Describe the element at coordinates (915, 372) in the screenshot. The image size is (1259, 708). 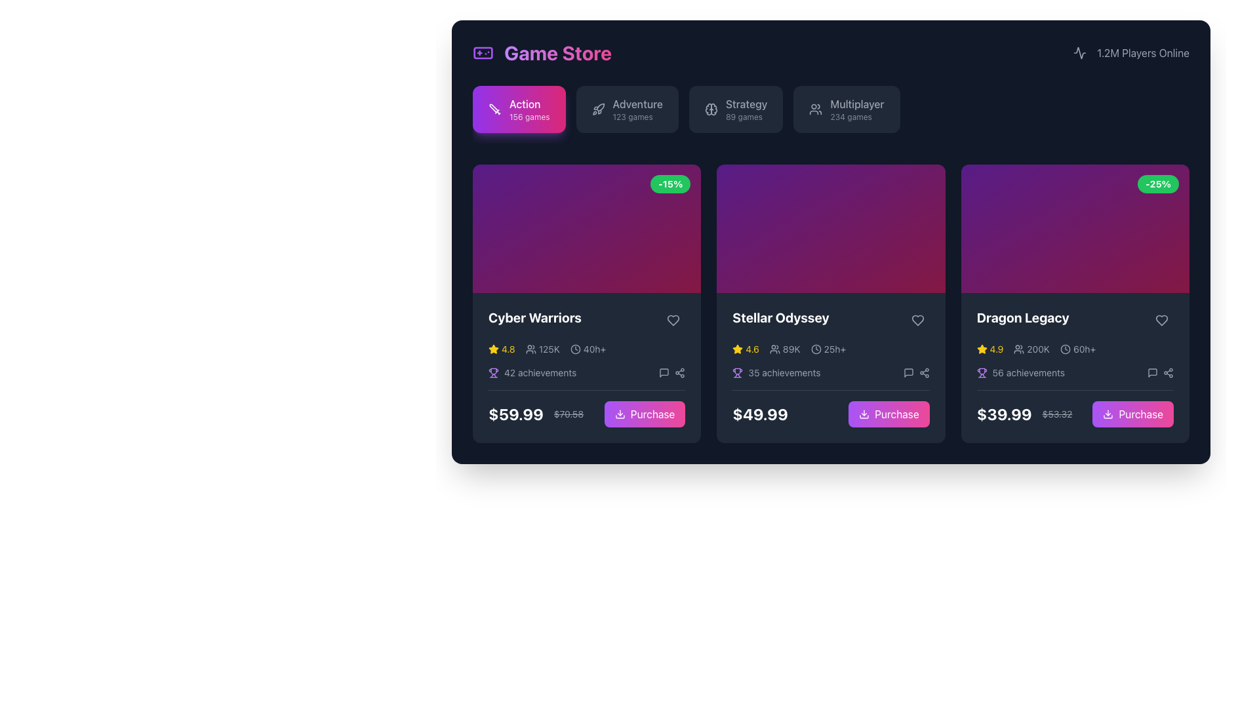
I see `the grouped interactive icons for the game 'Stellar Odyssey', located to the right of '35 achievements' and above the price information` at that location.